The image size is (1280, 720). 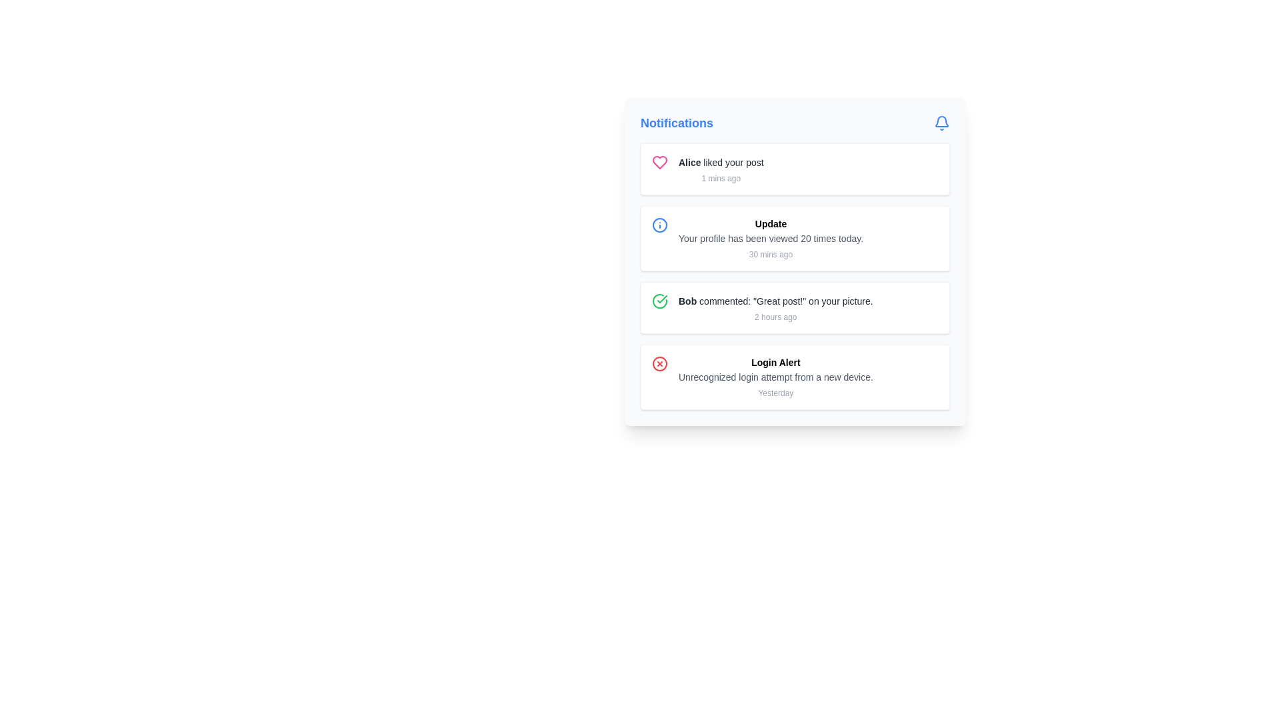 I want to click on the static text notification indicating that 'Alice' liked the user's post, which is located in the first notification card, next to the pink heart icon and beneath the 'Notifications' header, so click(x=720, y=169).